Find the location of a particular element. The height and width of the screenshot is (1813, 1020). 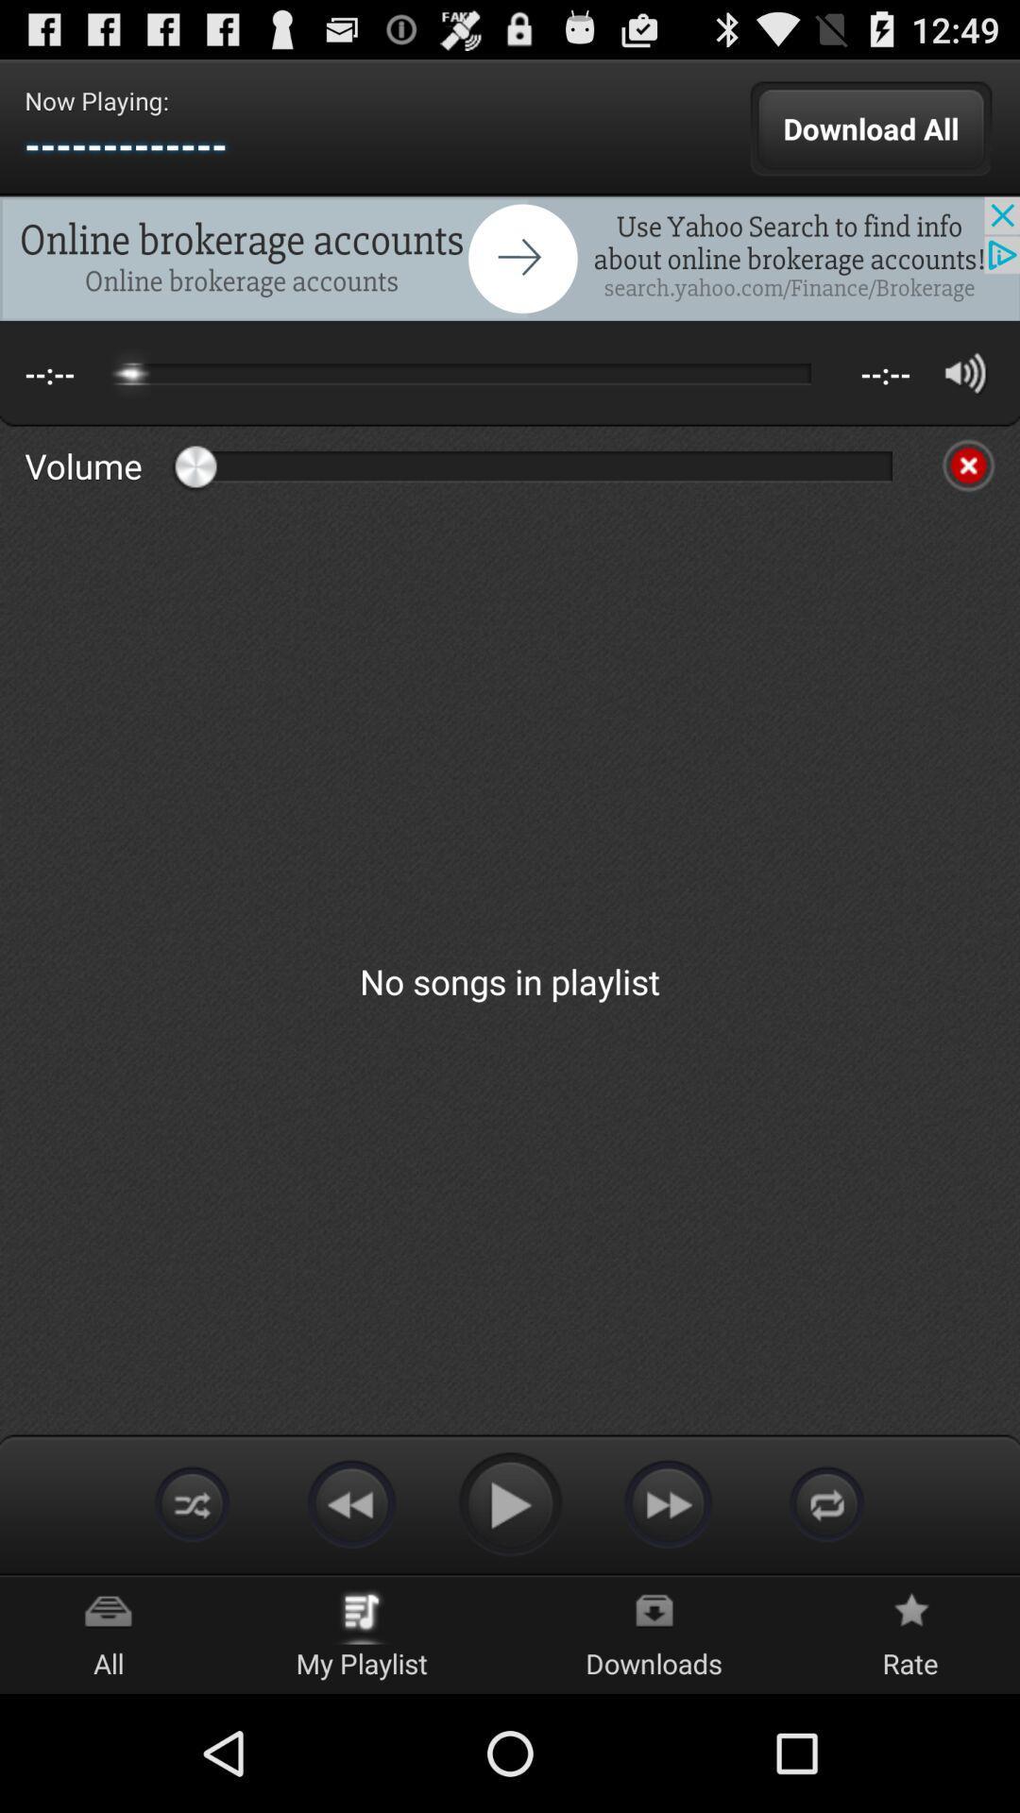

next song is located at coordinates (668, 1502).